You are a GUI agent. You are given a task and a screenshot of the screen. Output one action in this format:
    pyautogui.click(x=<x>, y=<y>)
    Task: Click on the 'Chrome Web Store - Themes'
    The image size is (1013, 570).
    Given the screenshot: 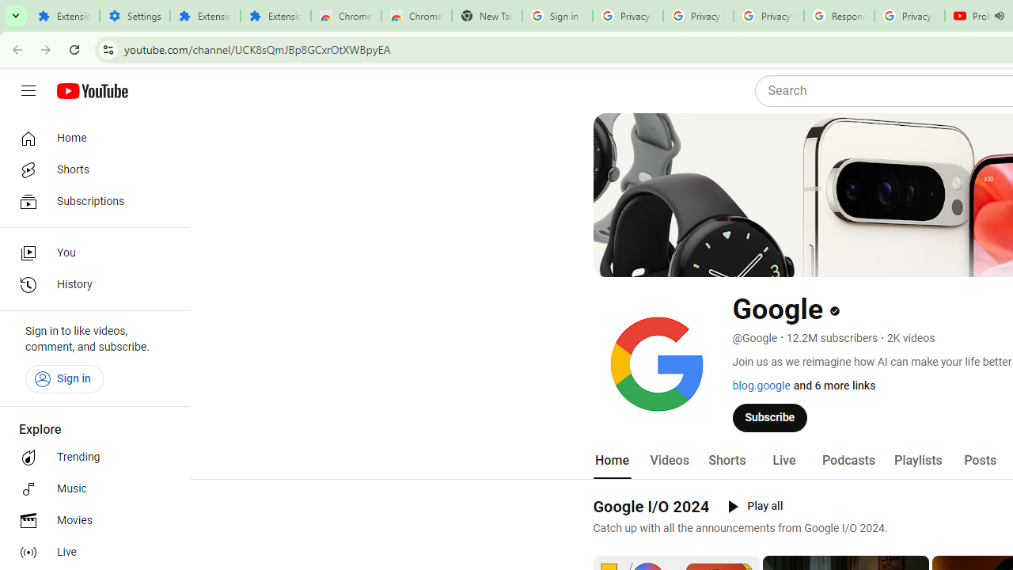 What is the action you would take?
    pyautogui.click(x=416, y=16)
    